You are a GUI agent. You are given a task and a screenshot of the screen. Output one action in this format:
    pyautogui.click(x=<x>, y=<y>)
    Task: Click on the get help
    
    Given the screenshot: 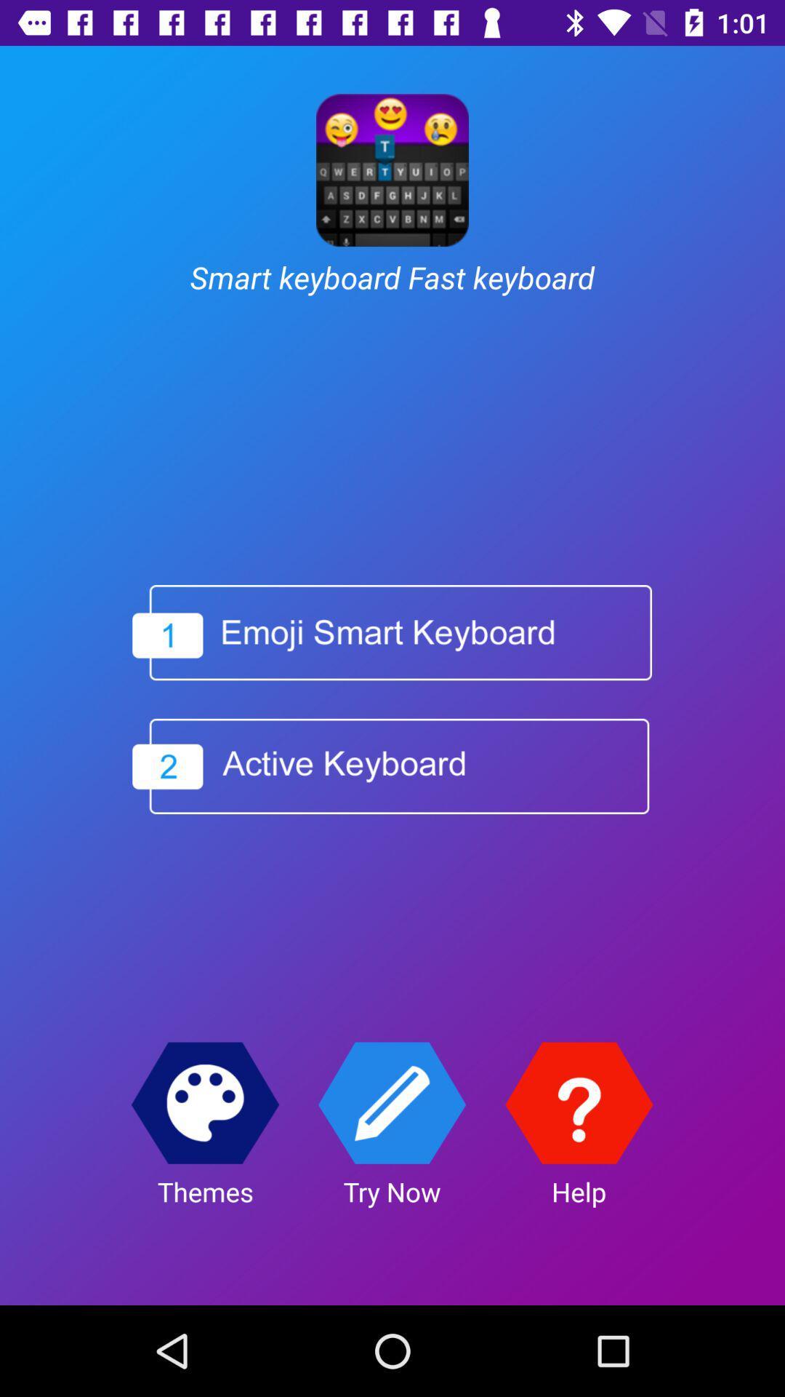 What is the action you would take?
    pyautogui.click(x=578, y=1103)
    